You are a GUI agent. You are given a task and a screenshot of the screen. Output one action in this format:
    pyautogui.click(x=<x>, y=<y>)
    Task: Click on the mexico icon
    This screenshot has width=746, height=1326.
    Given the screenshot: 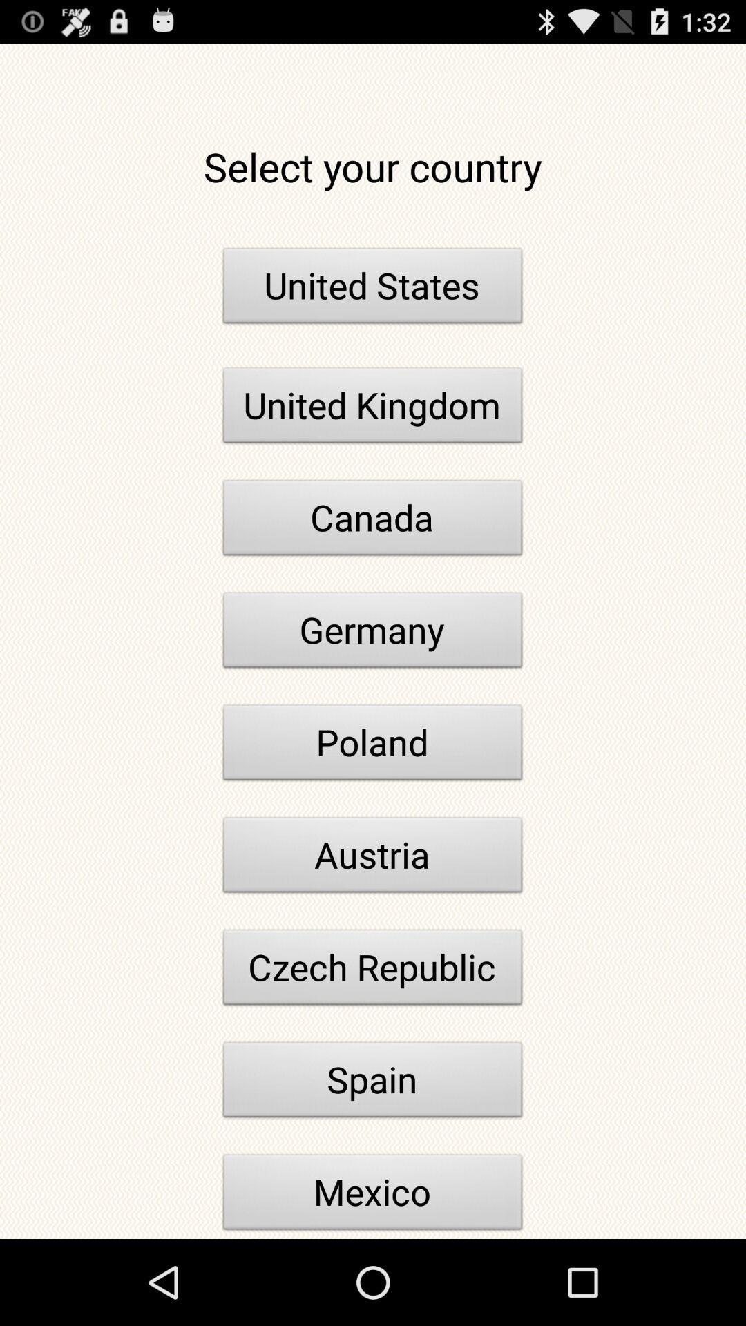 What is the action you would take?
    pyautogui.click(x=373, y=1195)
    